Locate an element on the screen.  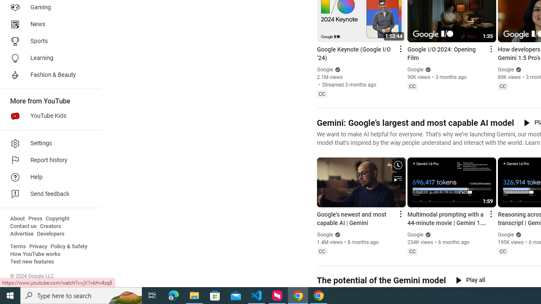
'How YouTube works' is located at coordinates (35, 254).